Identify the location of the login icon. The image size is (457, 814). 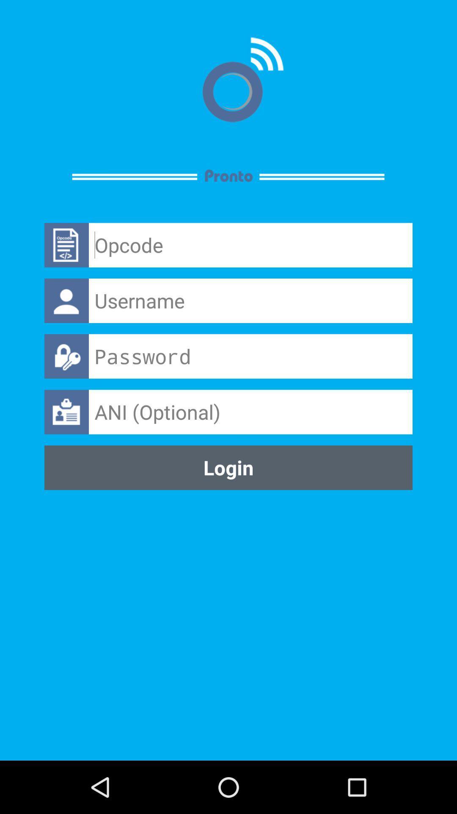
(228, 467).